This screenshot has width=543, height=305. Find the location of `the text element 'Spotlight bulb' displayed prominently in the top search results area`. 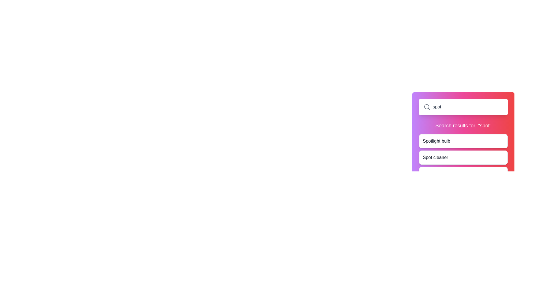

the text element 'Spotlight bulb' displayed prominently in the top search results area is located at coordinates (436, 141).